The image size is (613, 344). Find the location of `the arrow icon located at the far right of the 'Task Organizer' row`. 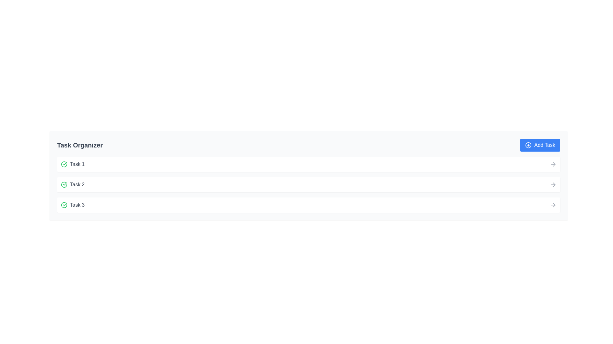

the arrow icon located at the far right of the 'Task Organizer' row is located at coordinates (554, 205).